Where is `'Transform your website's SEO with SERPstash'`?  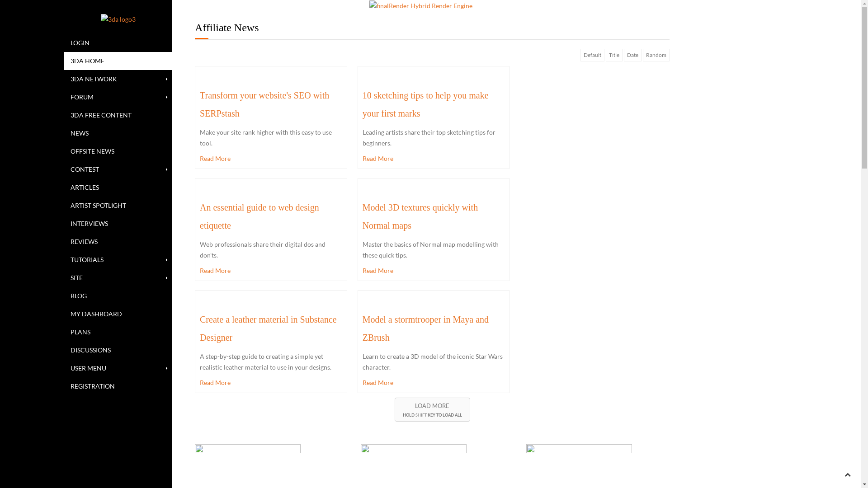
'Transform your website's SEO with SERPstash' is located at coordinates (264, 104).